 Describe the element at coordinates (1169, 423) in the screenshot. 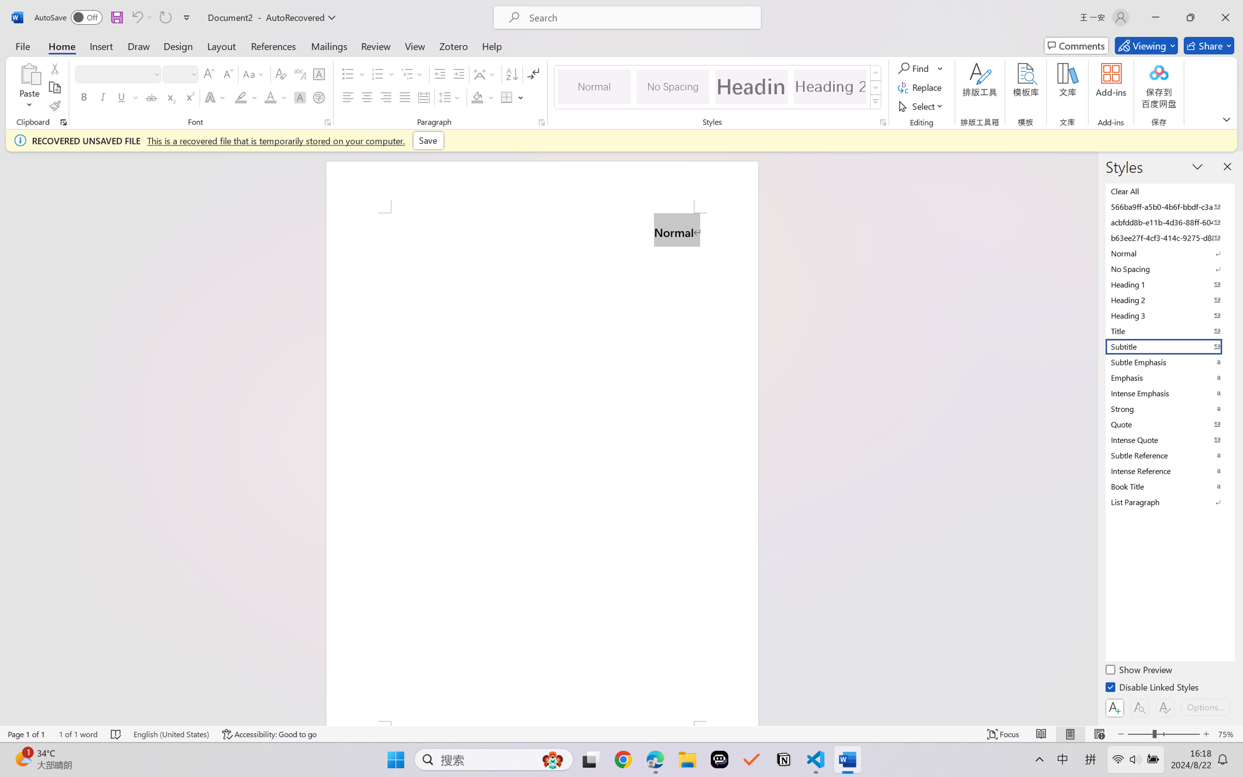

I see `'Quote'` at that location.